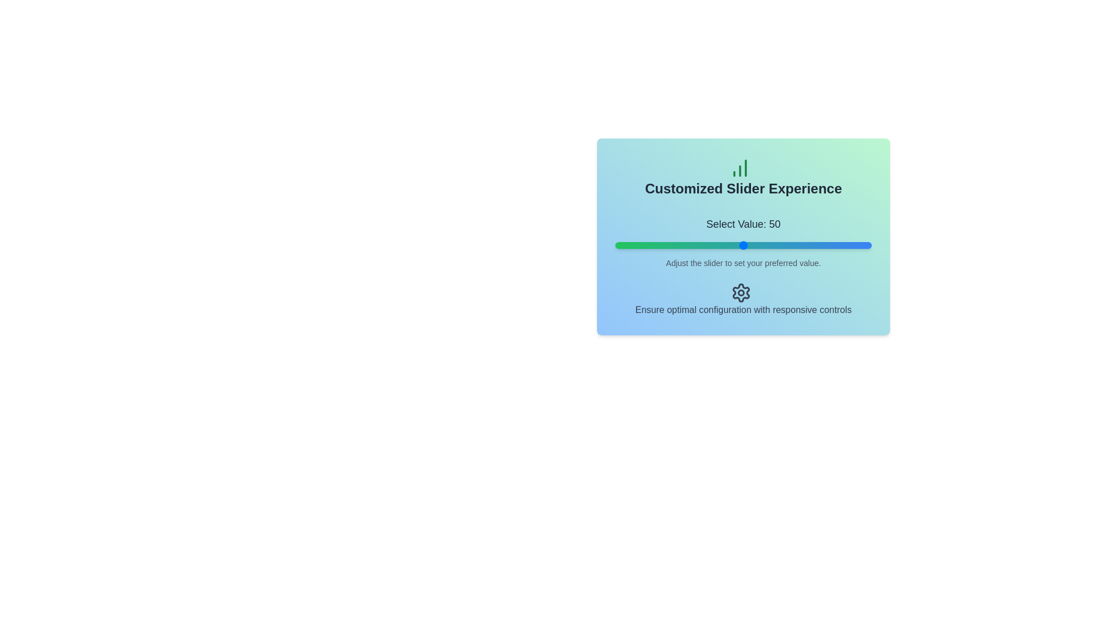 The image size is (1099, 618). I want to click on the slider to set its value to 76, so click(809, 244).